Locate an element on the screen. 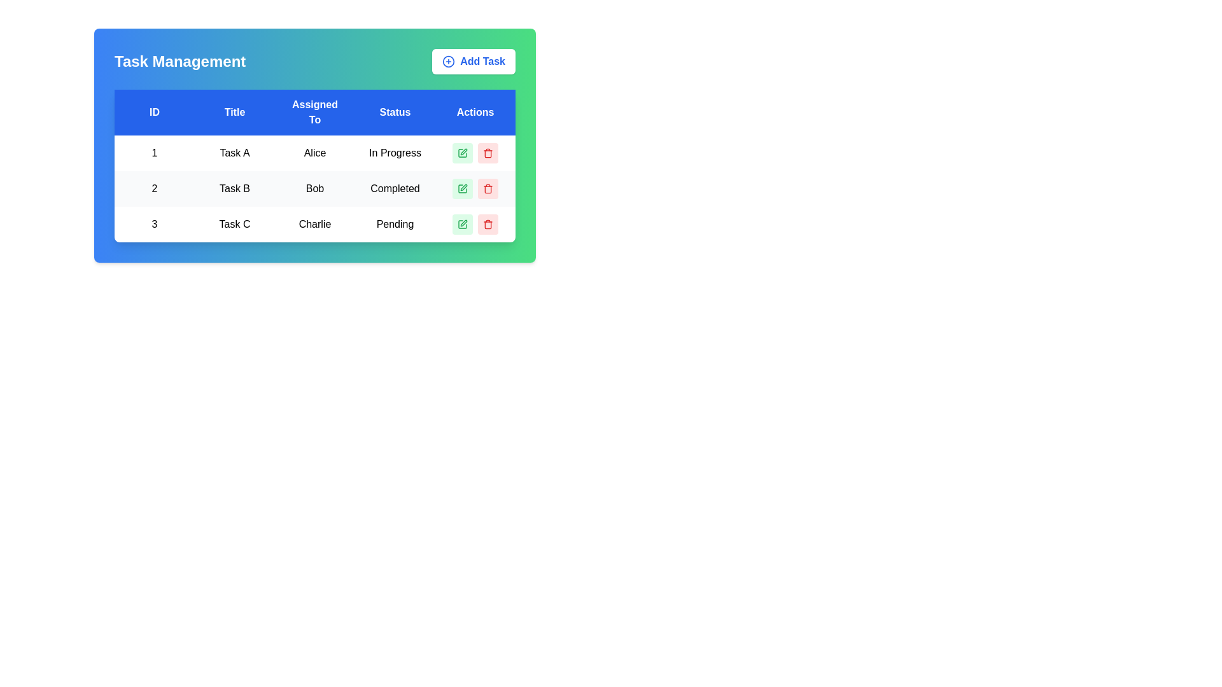 This screenshot has width=1222, height=687. the edit button for 'Task C', which is the second button from the left in the Actions column of the table is located at coordinates (463, 223).